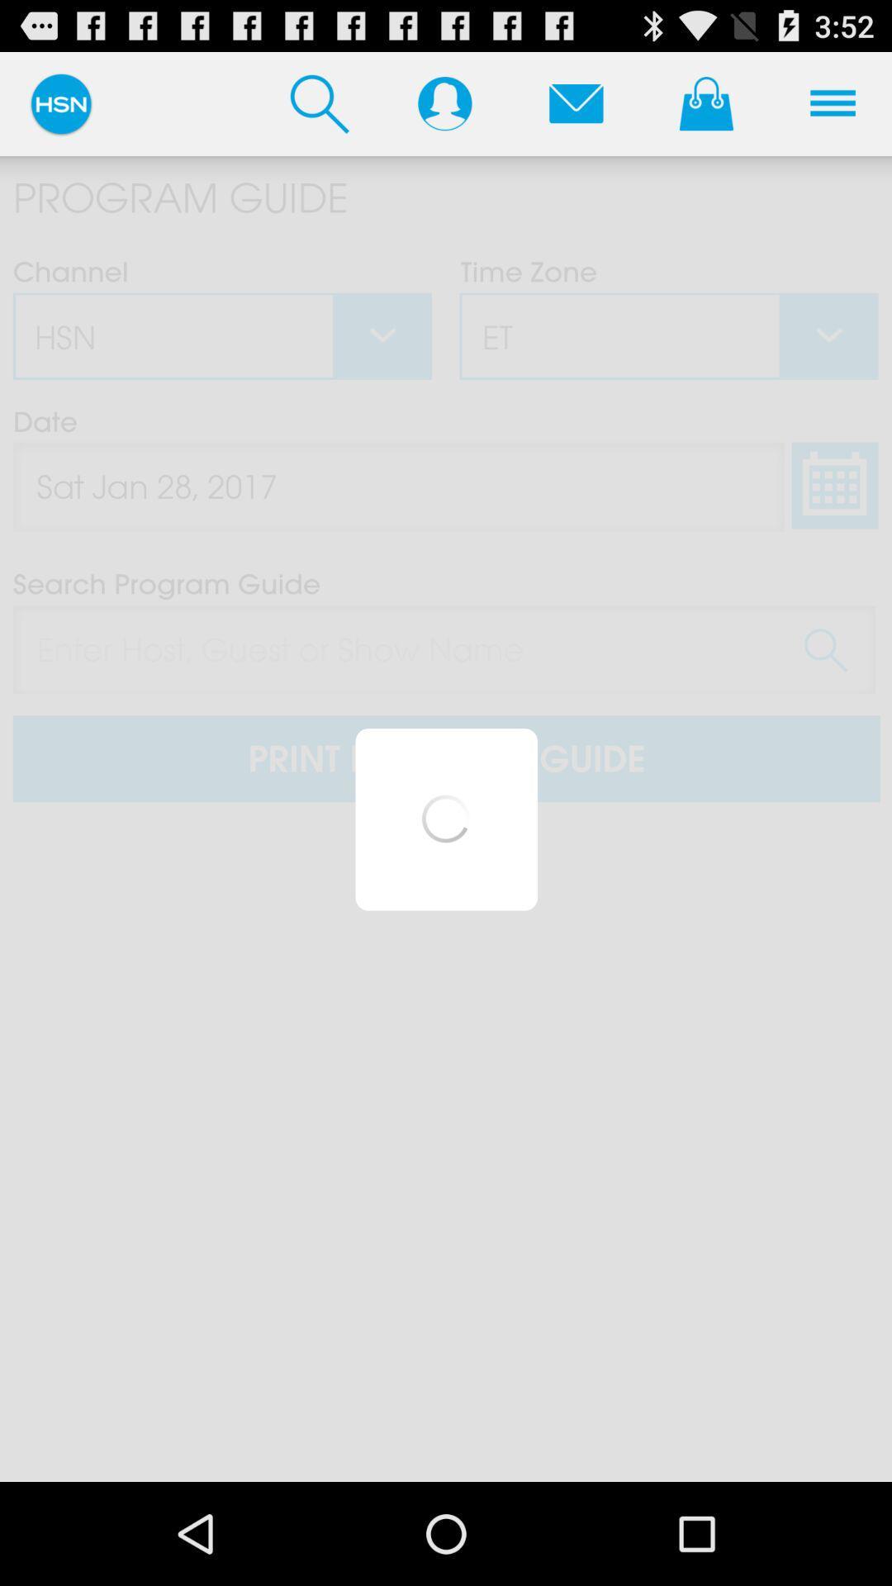  What do you see at coordinates (706, 102) in the screenshot?
I see `shopping cart button` at bounding box center [706, 102].